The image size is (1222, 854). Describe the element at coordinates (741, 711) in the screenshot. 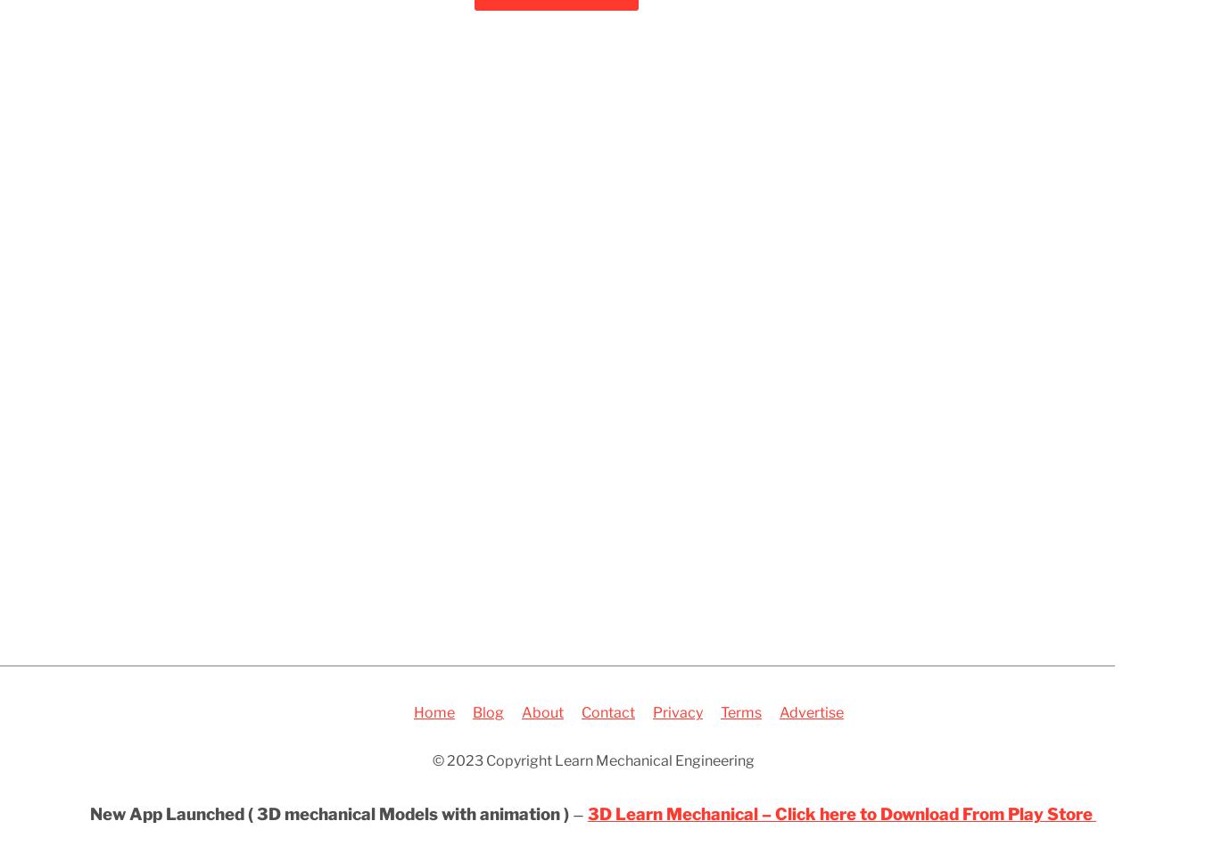

I see `'Terms'` at that location.